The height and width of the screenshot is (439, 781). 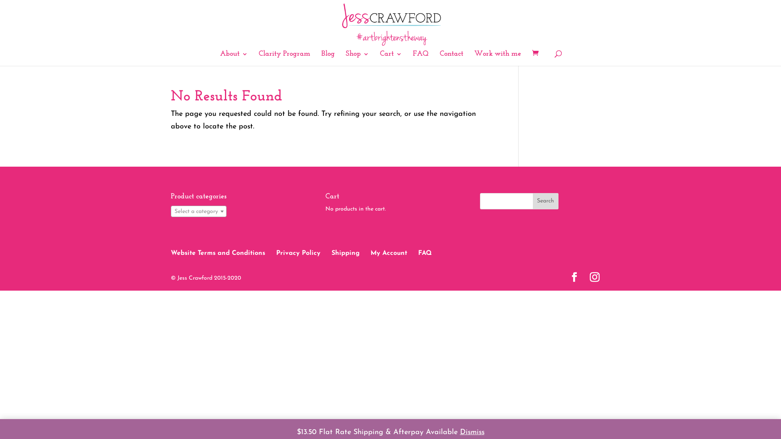 I want to click on 'FAQ', so click(x=424, y=253).